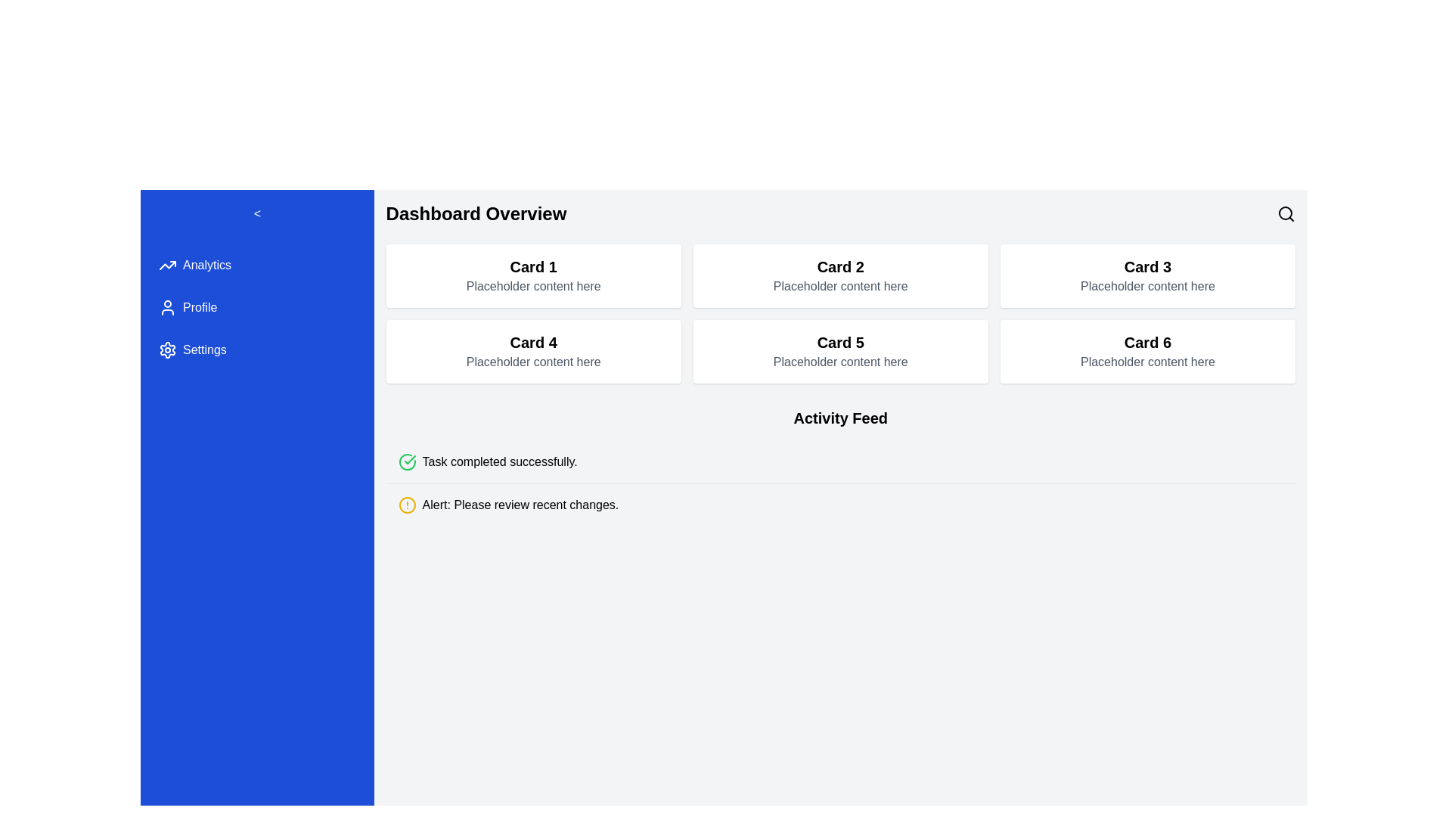 Image resolution: width=1452 pixels, height=817 pixels. Describe the element at coordinates (839, 362) in the screenshot. I see `the text label with the gray color scheme containing the text 'Placeholder content here', located below the title 'Card 5' in the center-right section of the interface` at that location.